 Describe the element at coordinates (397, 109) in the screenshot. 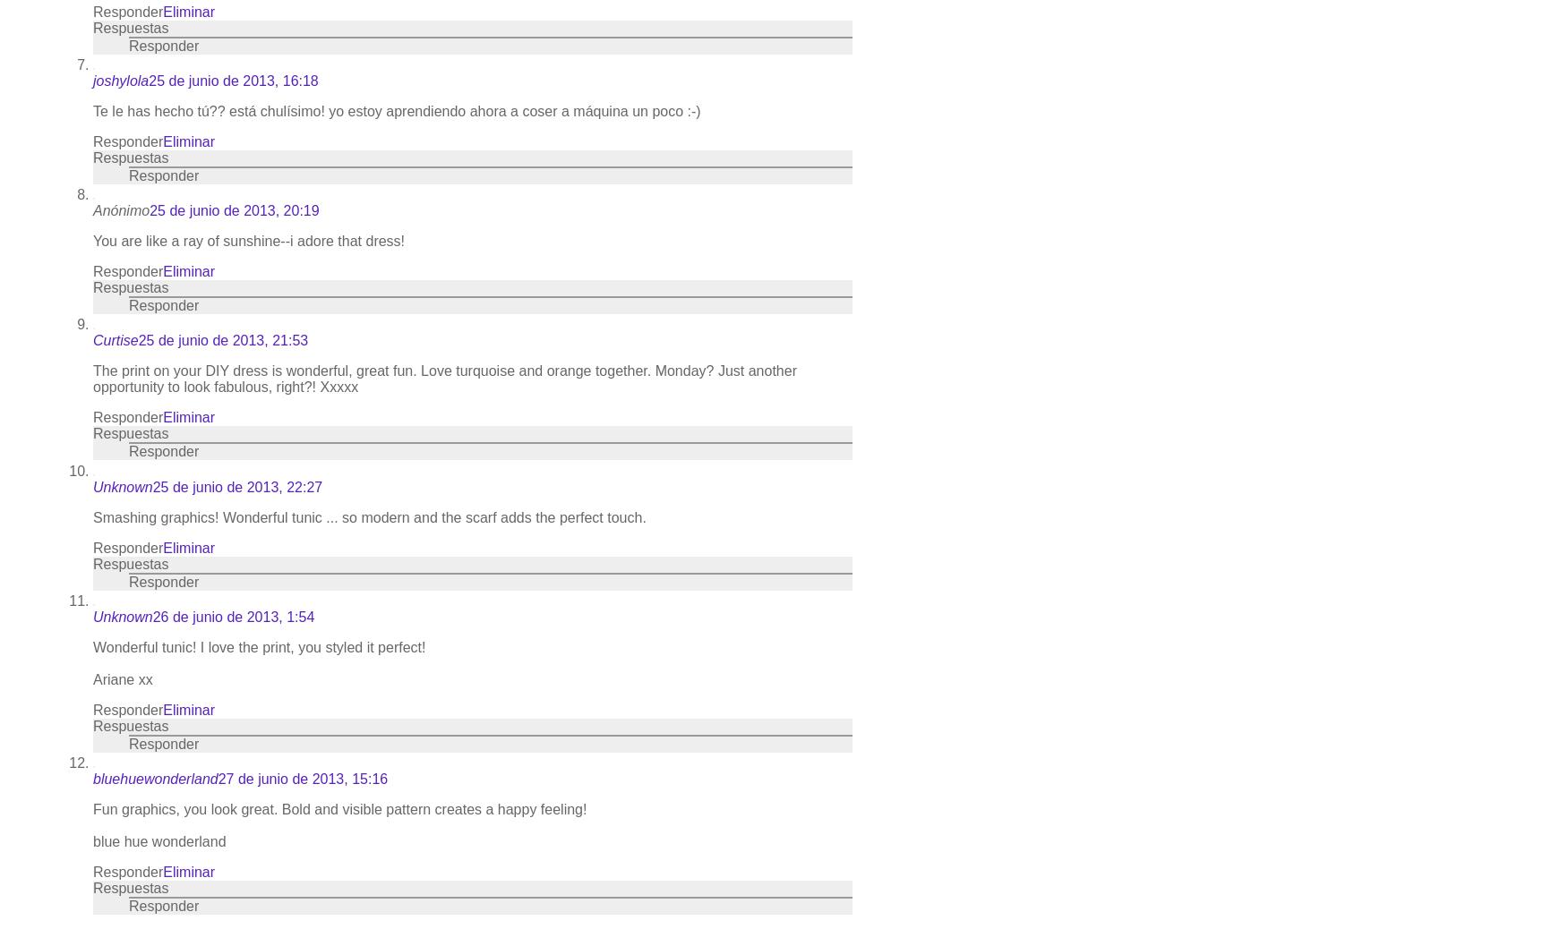

I see `'Te le has hecho tú?? está chulísimo! yo estoy aprendiendo ahora a coser a máquina un poco :-)'` at that location.